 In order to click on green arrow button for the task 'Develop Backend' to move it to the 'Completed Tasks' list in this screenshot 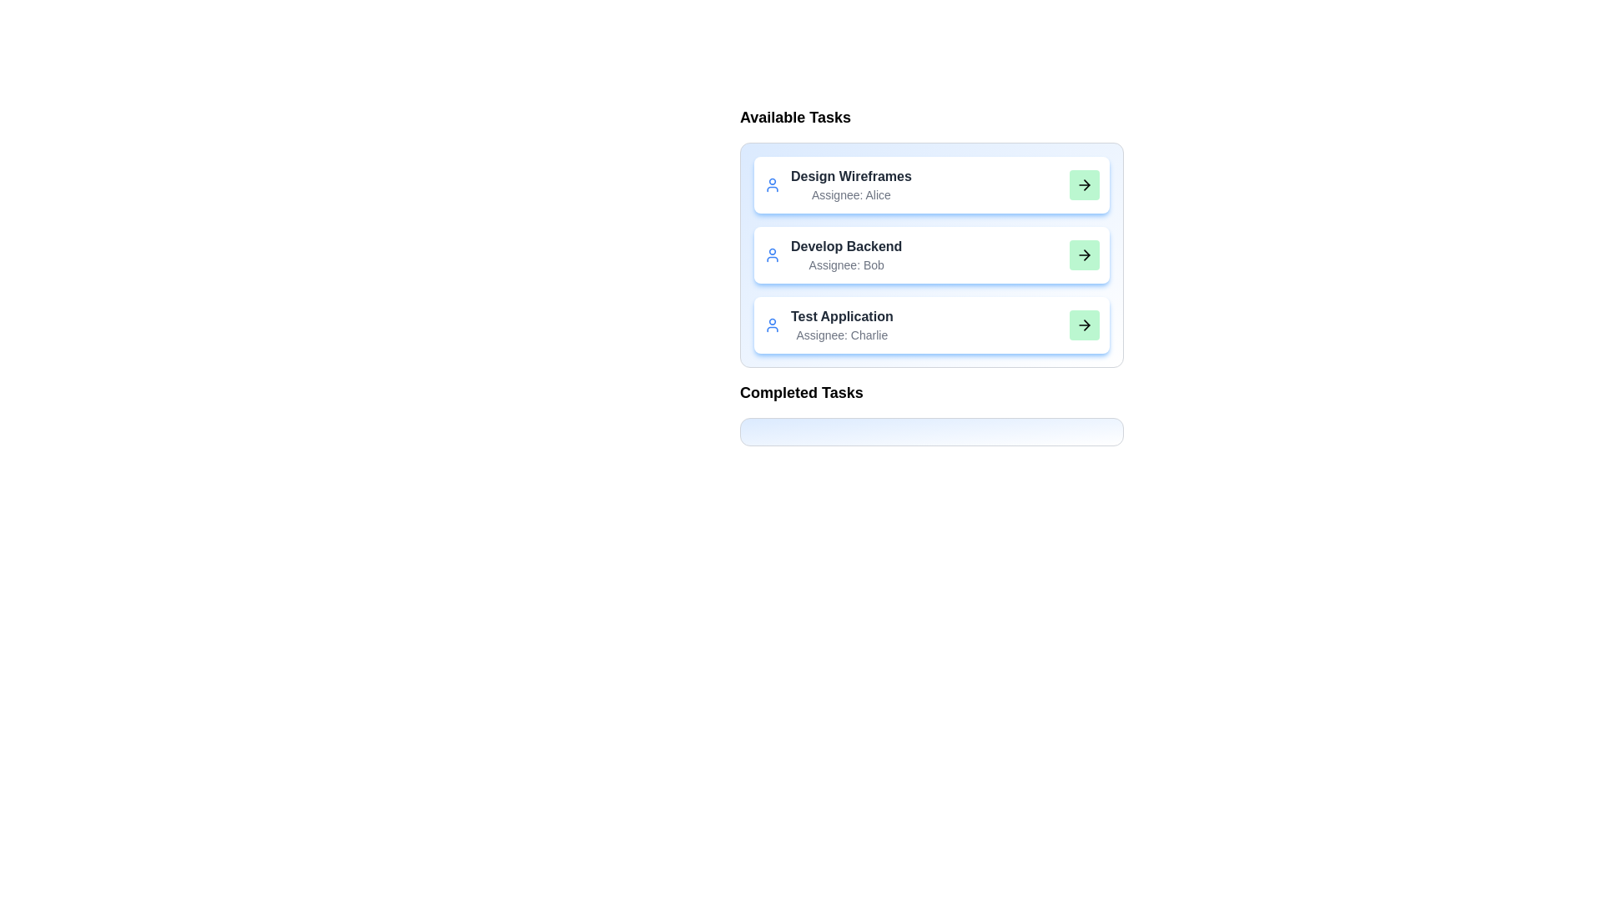, I will do `click(1085, 254)`.